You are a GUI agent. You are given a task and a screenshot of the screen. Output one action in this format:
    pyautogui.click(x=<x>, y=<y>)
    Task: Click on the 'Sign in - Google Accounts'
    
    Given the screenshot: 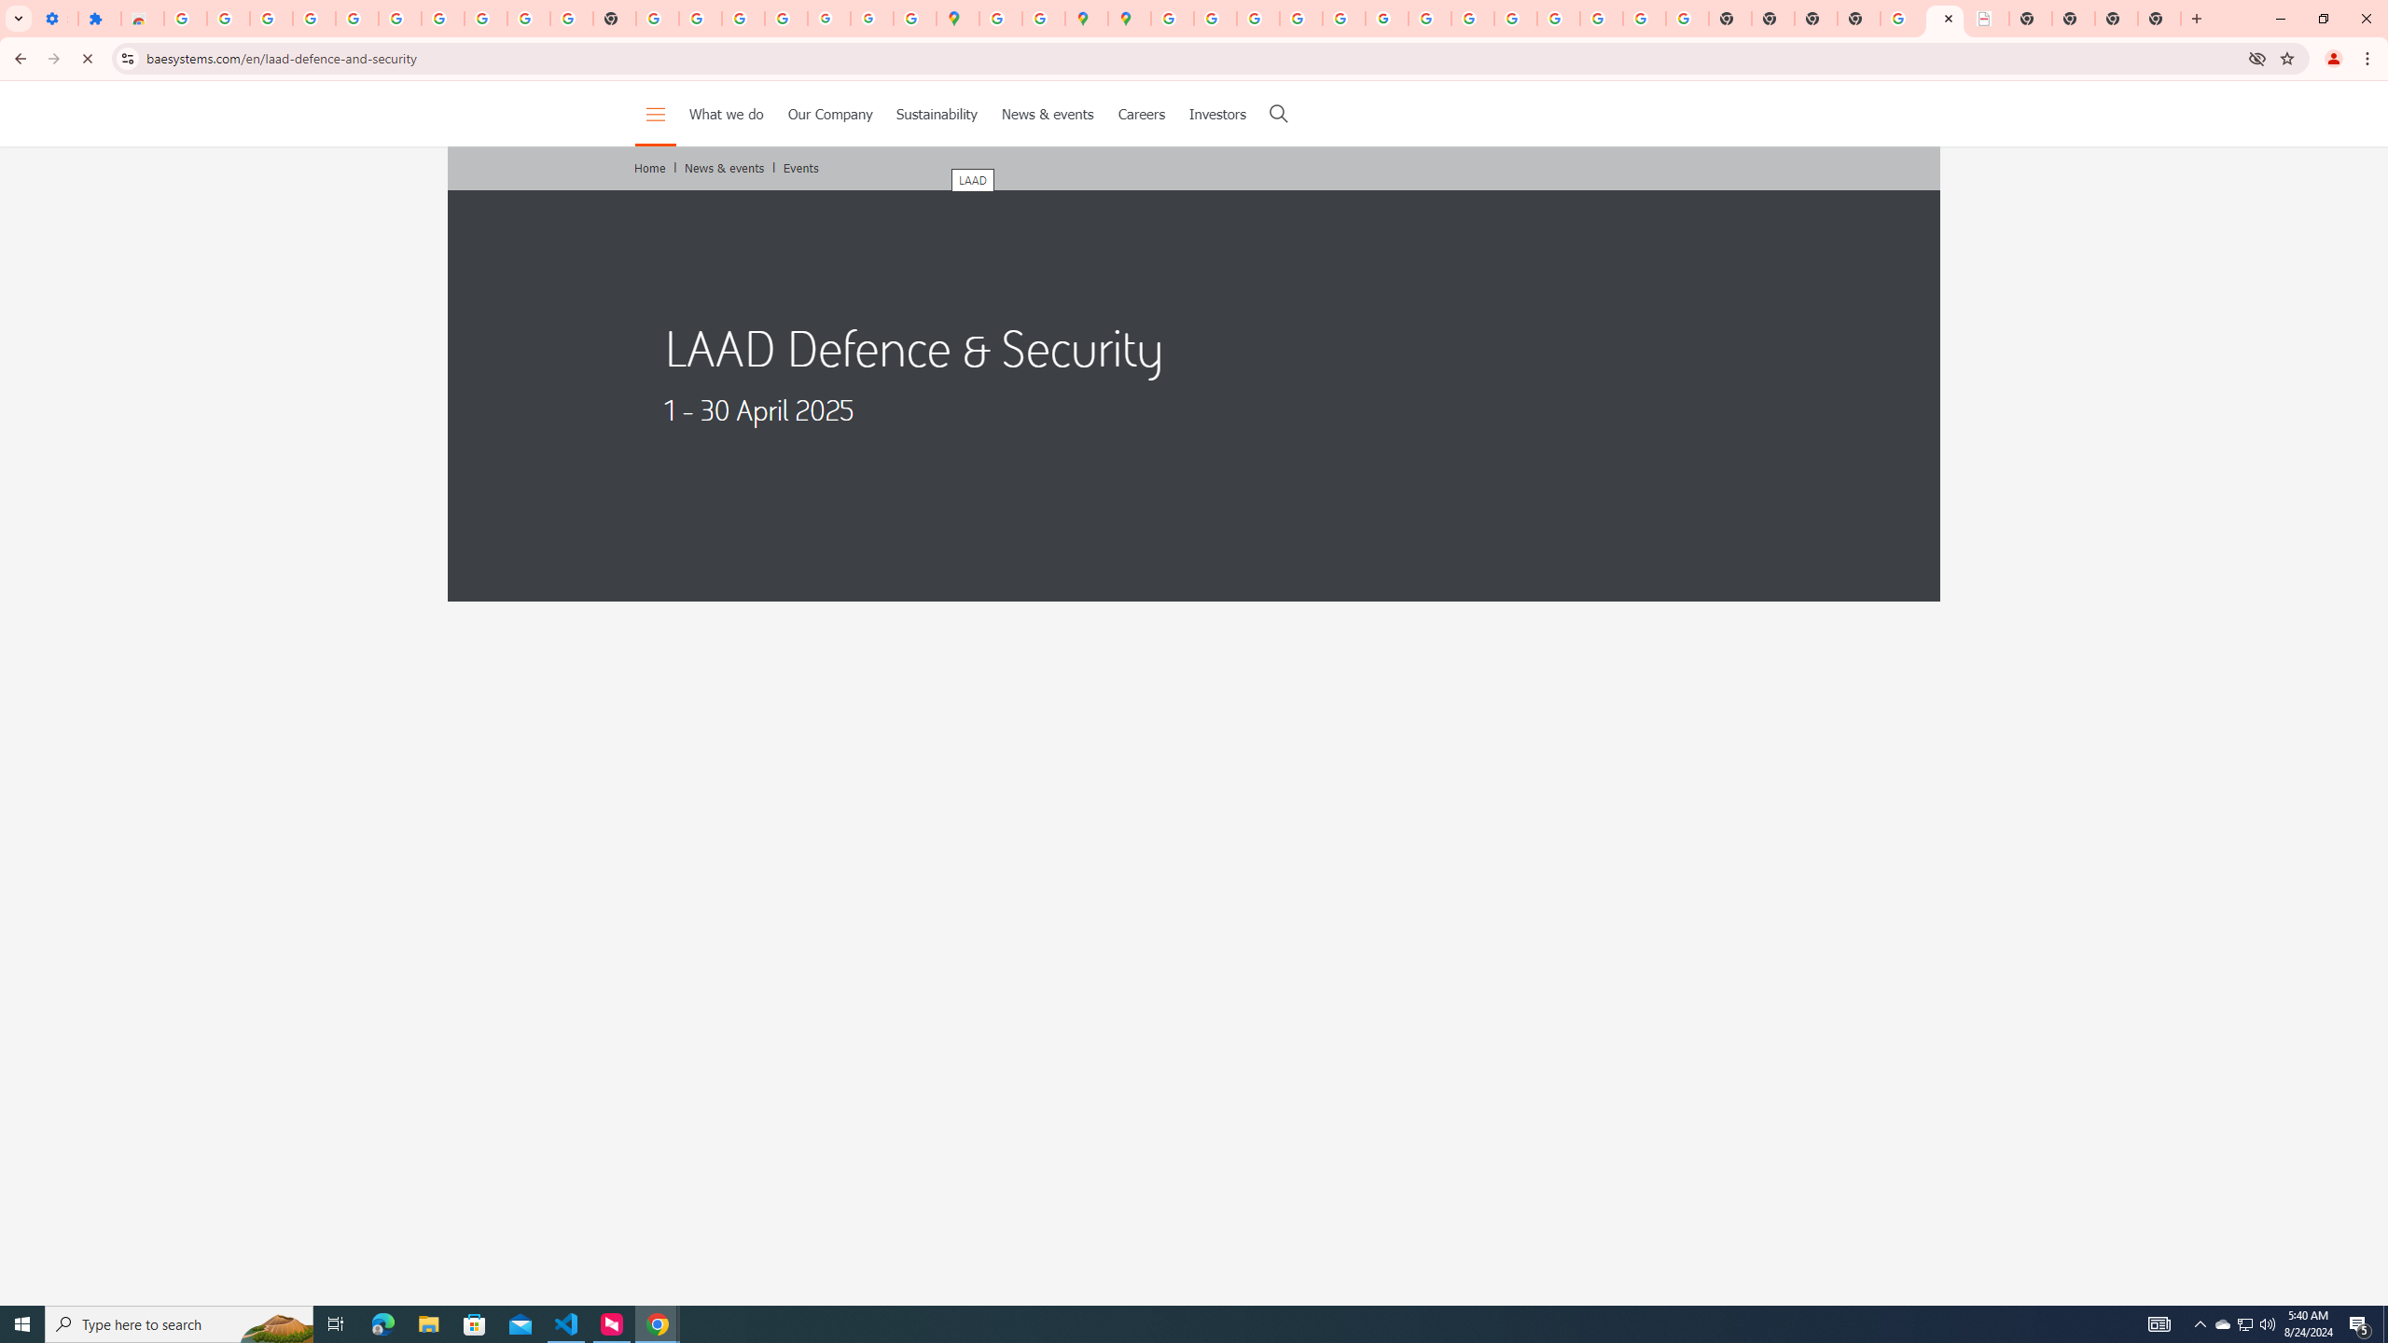 What is the action you would take?
    pyautogui.click(x=184, y=18)
    